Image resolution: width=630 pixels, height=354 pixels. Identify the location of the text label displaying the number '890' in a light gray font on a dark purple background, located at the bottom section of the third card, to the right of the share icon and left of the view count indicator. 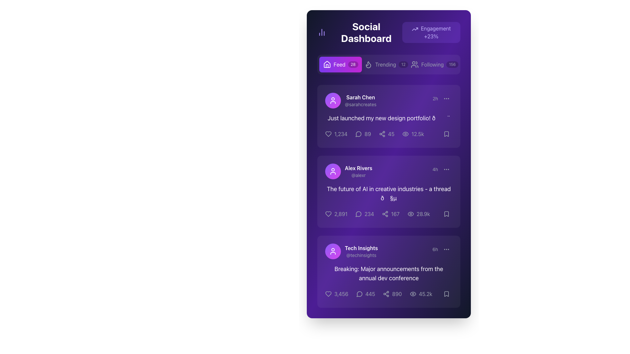
(396, 294).